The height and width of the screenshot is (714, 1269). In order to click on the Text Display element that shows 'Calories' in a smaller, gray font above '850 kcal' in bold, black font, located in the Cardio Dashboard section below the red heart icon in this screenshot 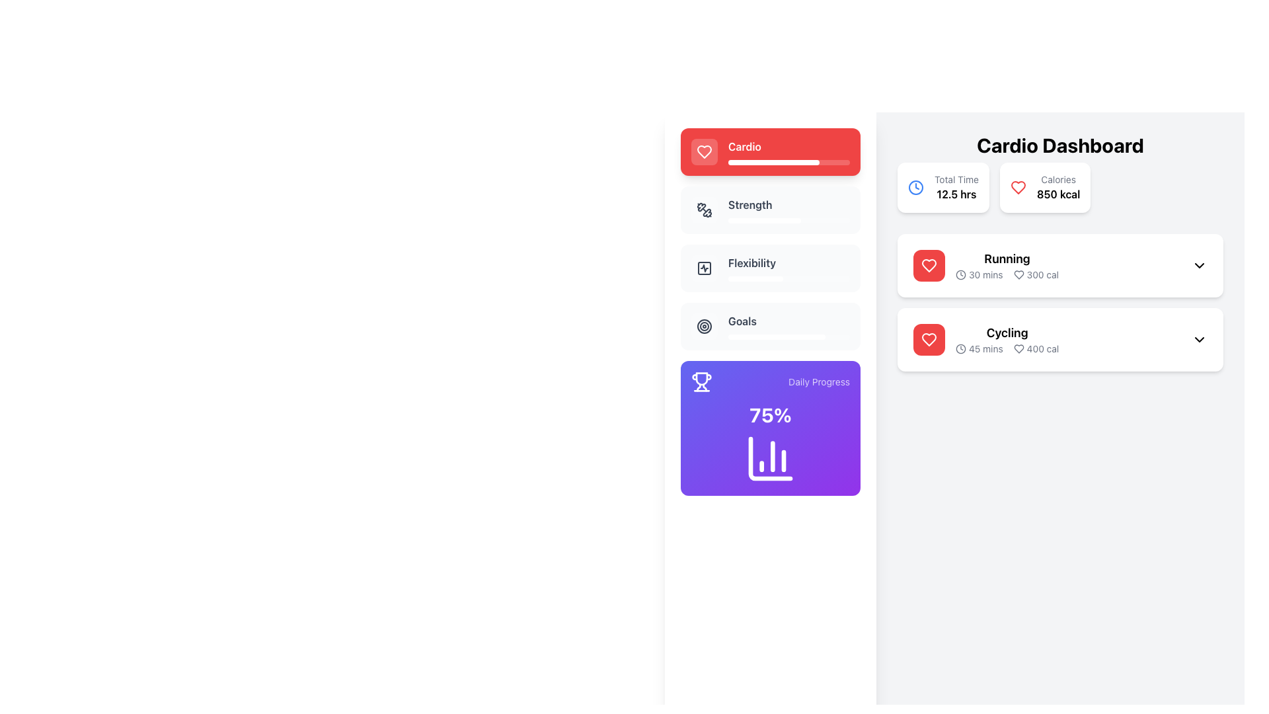, I will do `click(1058, 188)`.